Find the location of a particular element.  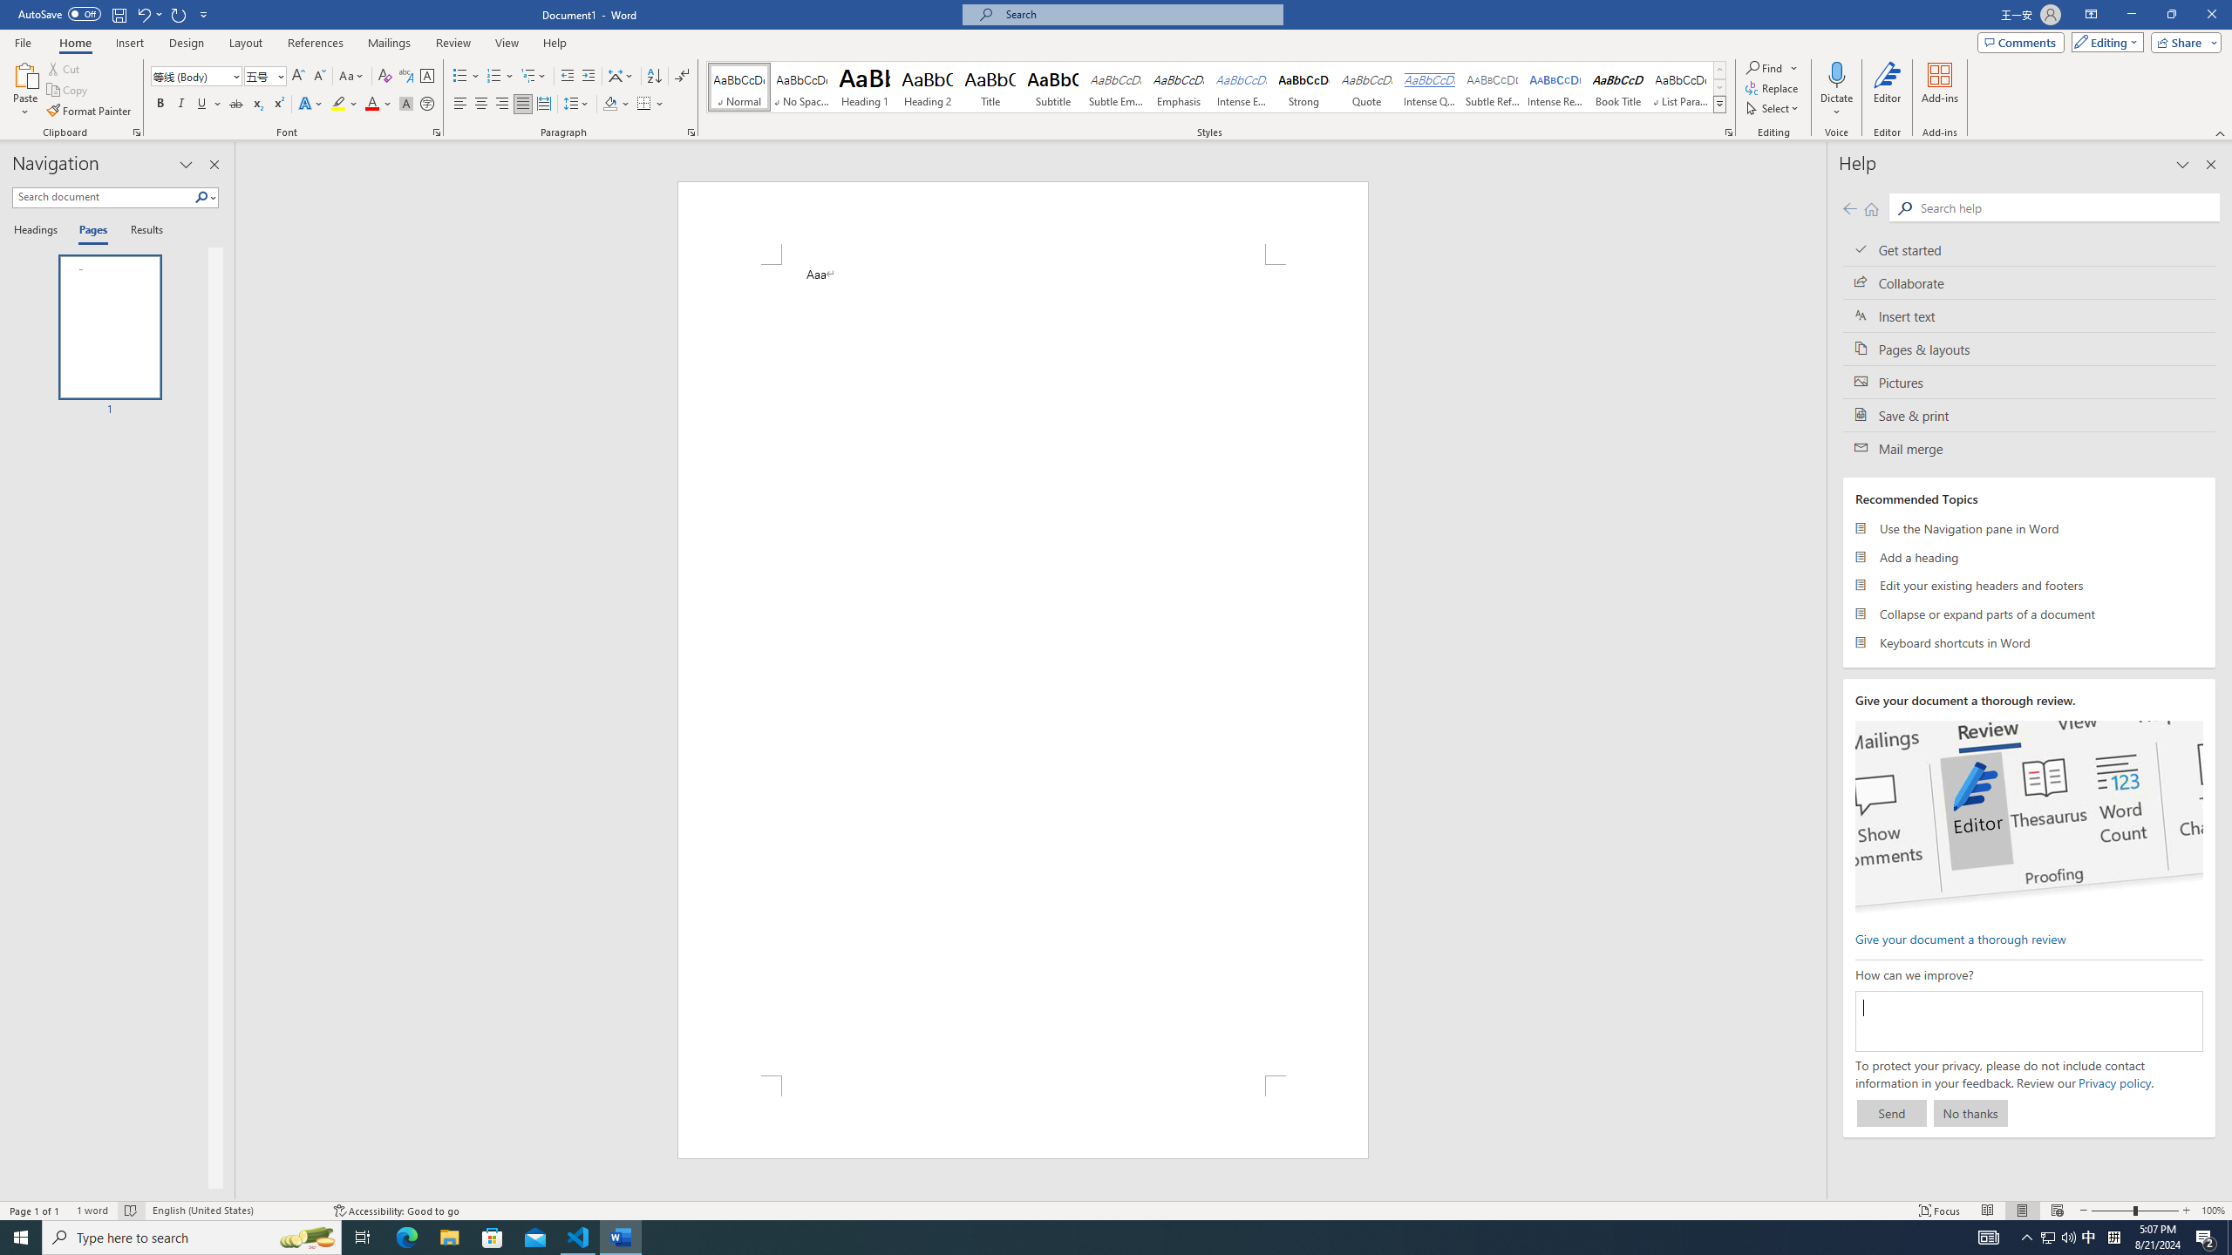

'Underline' is located at coordinates (201, 103).